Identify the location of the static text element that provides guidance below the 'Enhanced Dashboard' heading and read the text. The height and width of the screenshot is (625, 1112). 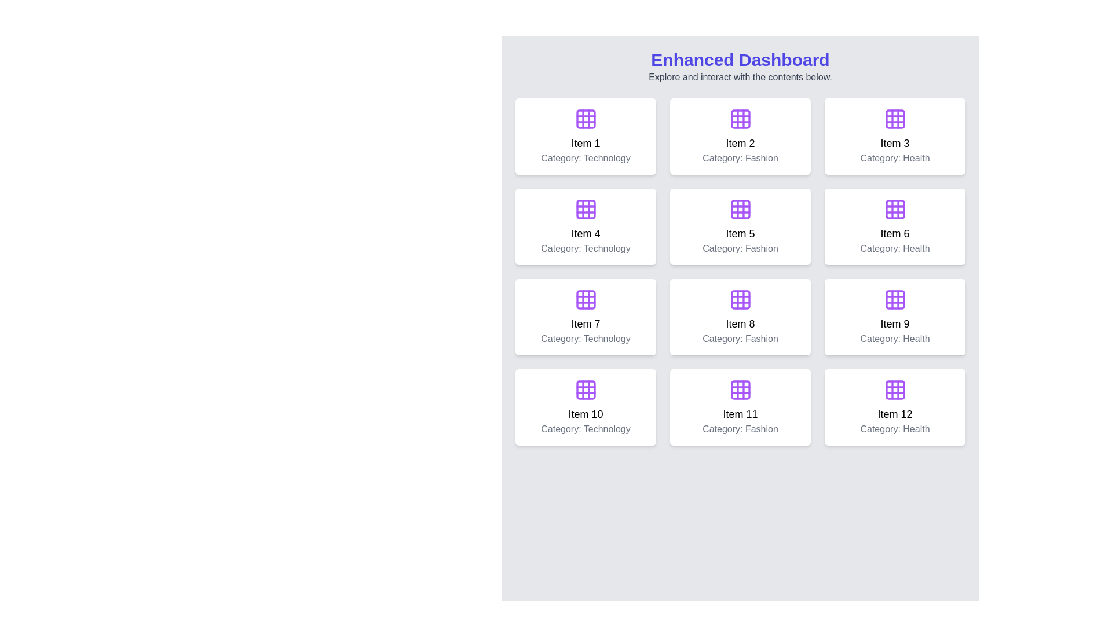
(740, 78).